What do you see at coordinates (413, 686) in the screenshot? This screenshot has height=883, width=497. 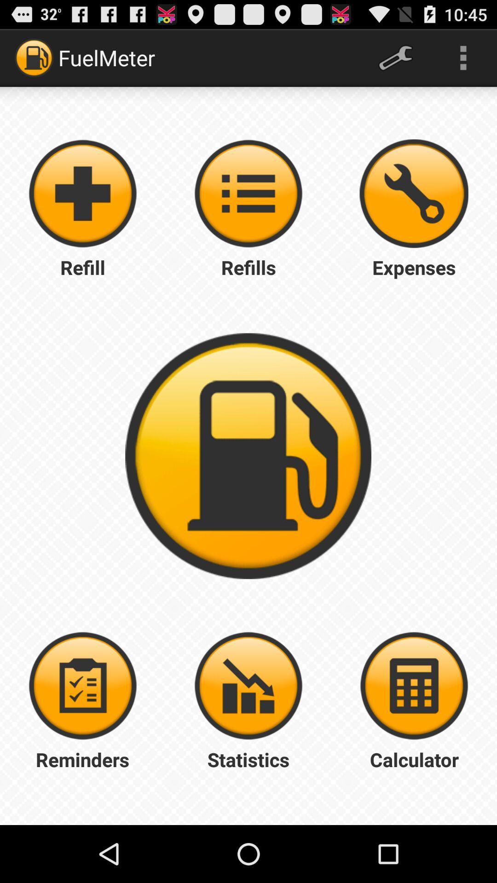 I see `open trip calculator` at bounding box center [413, 686].